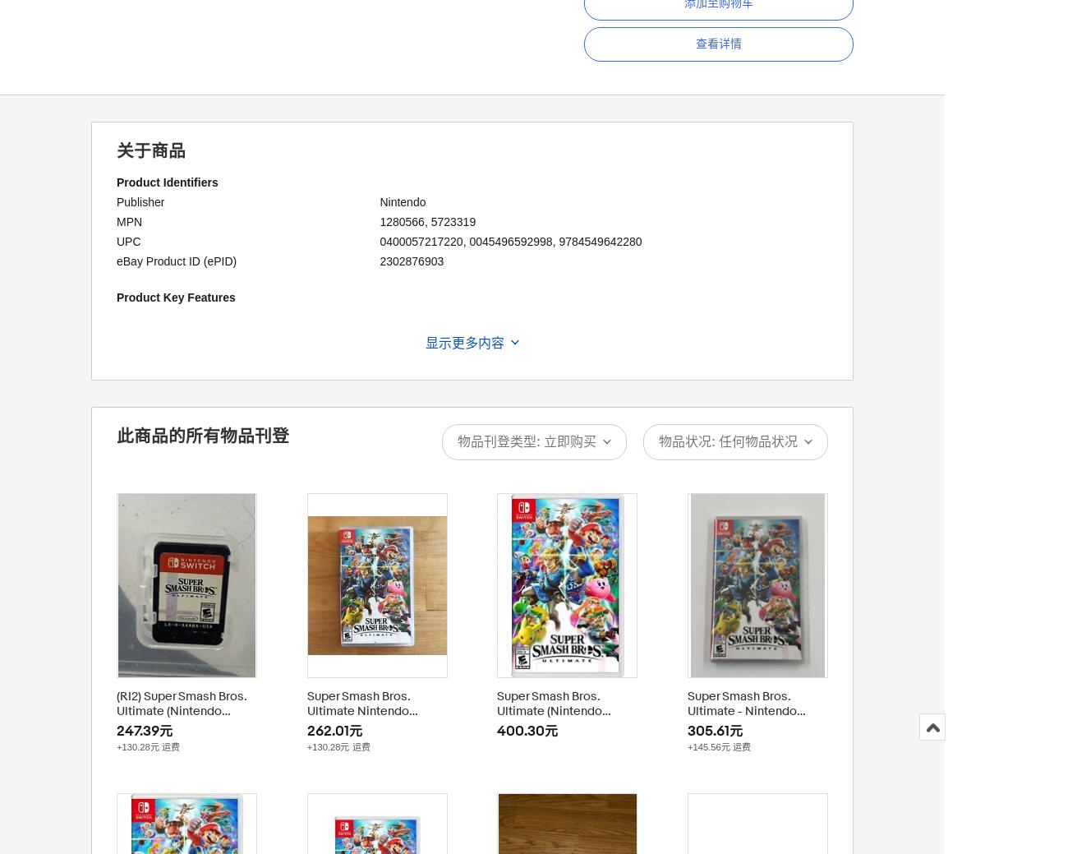 This screenshot has height=854, width=1077. Describe the element at coordinates (150, 451) in the screenshot. I see `'Release Year'` at that location.